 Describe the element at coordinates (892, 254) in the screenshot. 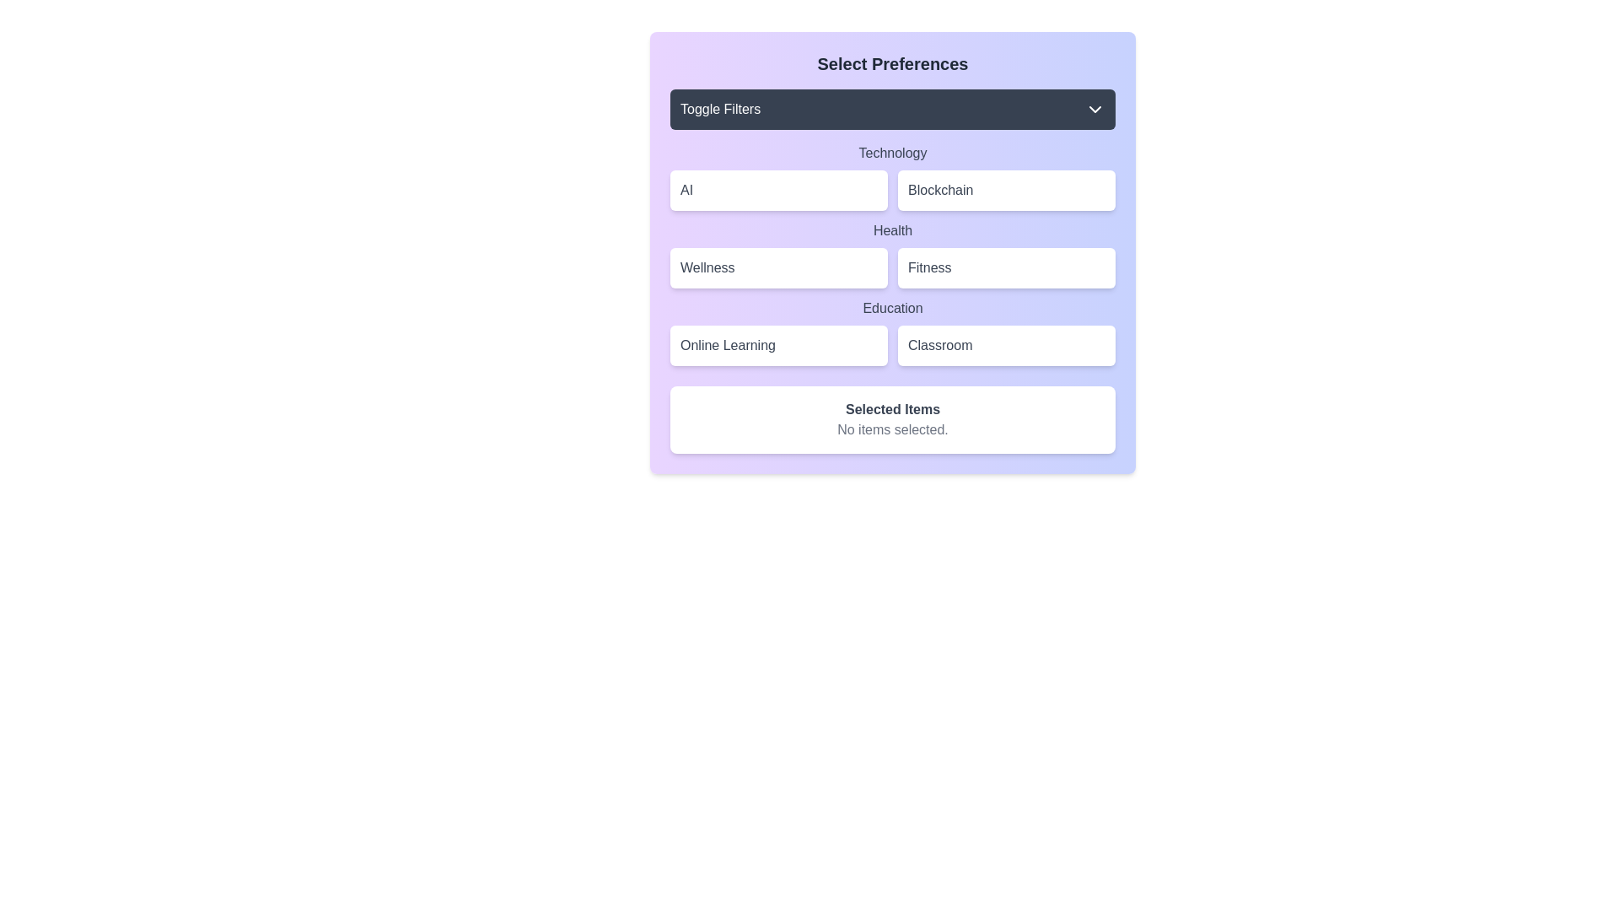

I see `the 'Fitness' button in the 'Health' category box` at that location.